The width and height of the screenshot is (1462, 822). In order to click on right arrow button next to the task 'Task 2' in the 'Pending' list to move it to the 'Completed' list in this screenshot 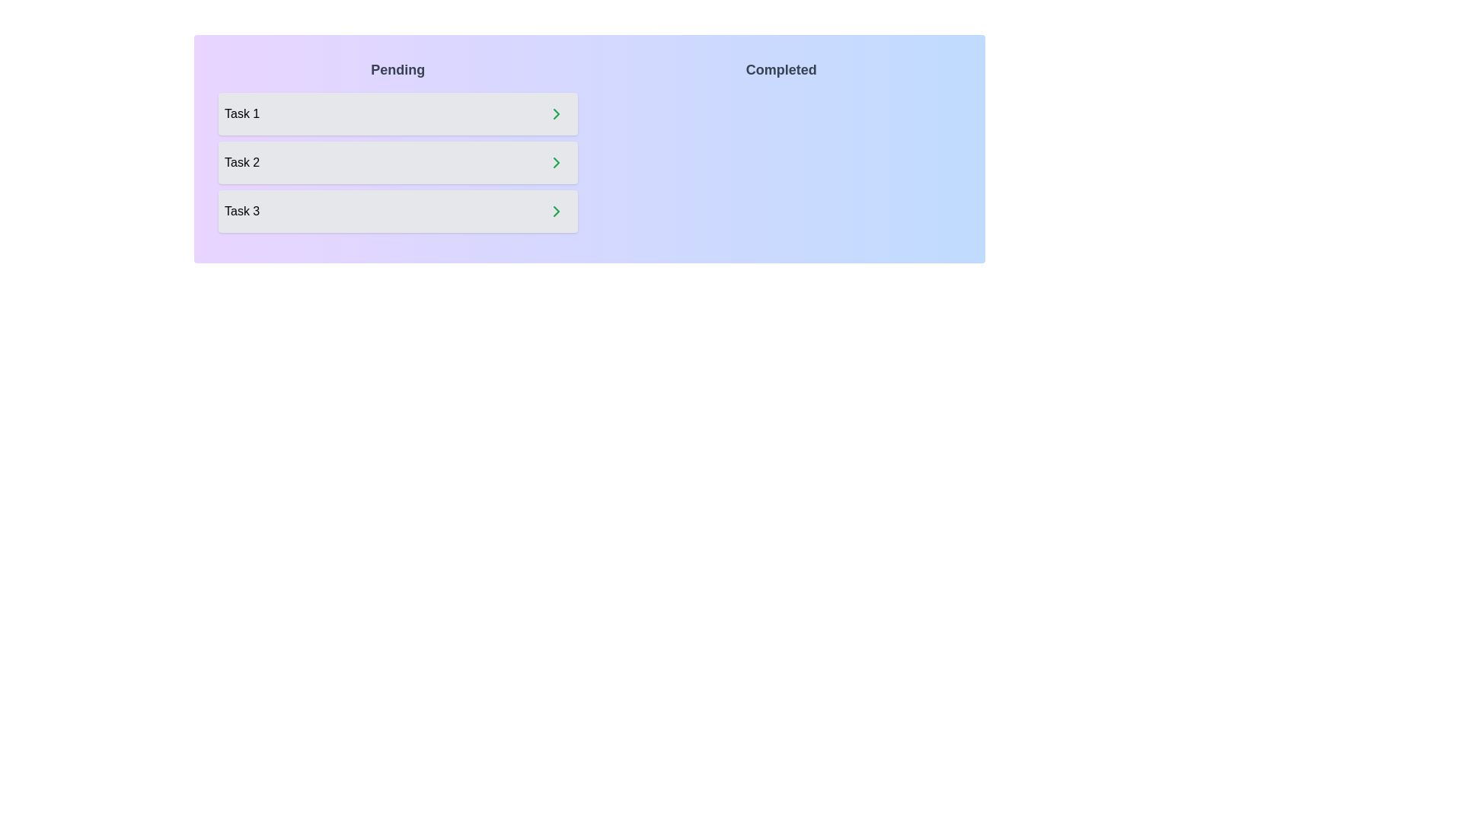, I will do `click(555, 162)`.